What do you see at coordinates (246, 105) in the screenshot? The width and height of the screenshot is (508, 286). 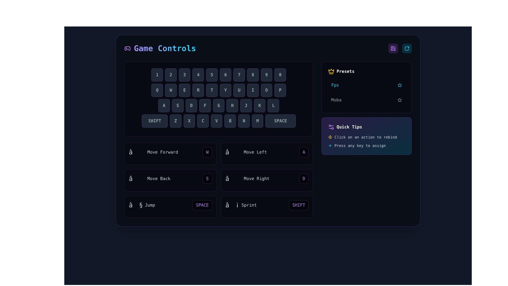 I see `the 7th button in a row of keys representing the letters A through L, which visually represents the 'J' key` at bounding box center [246, 105].